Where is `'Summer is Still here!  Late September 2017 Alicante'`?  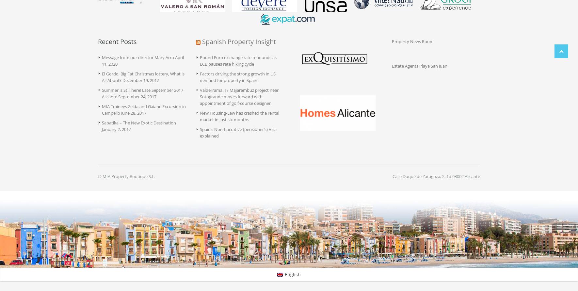 'Summer is Still here!  Late September 2017 Alicante' is located at coordinates (142, 93).